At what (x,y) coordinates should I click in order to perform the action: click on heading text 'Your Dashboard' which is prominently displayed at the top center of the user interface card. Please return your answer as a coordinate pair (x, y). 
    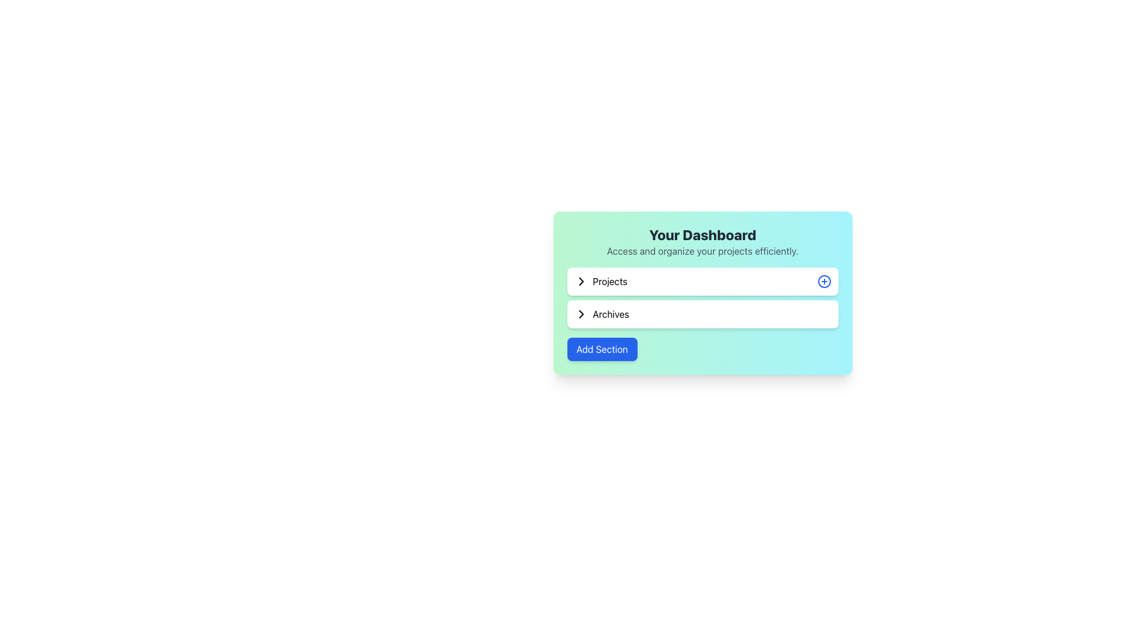
    Looking at the image, I should click on (702, 234).